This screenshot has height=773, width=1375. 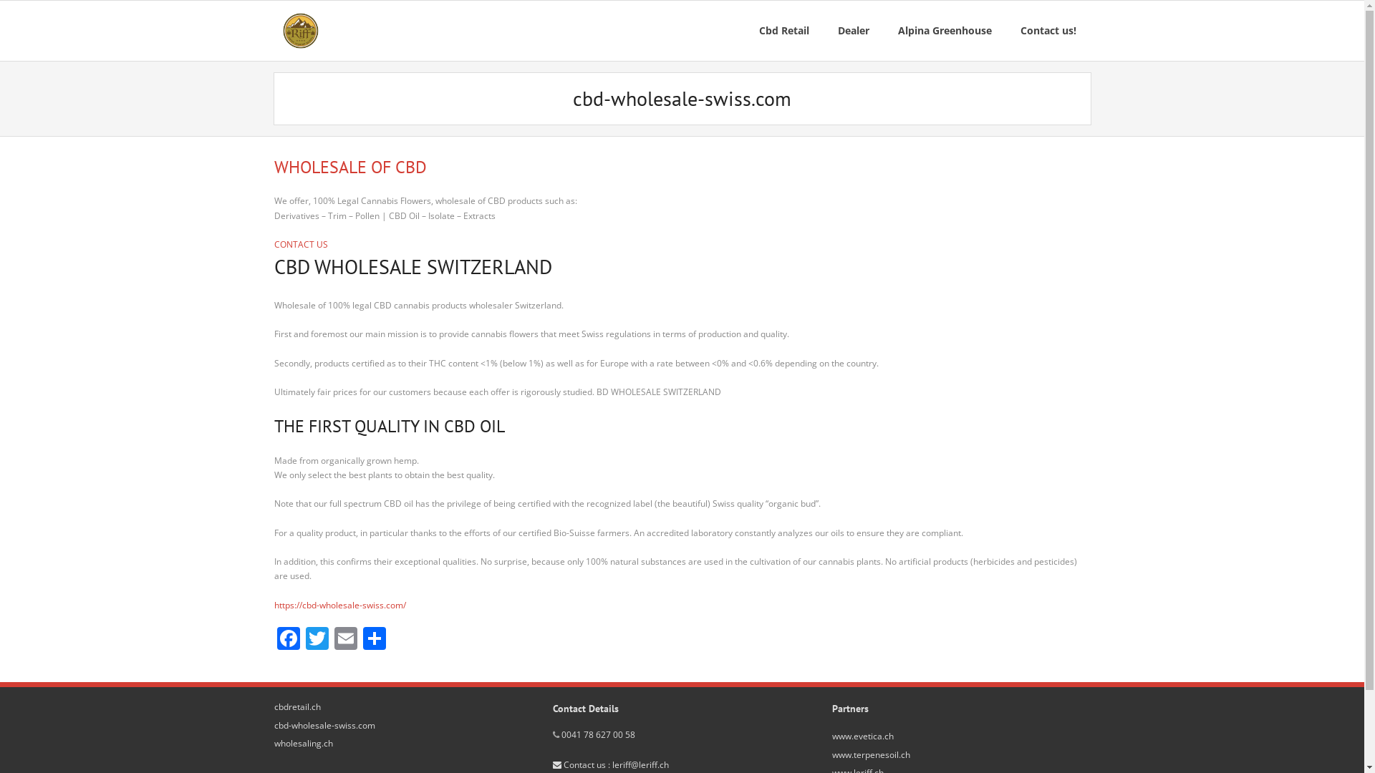 I want to click on 'cbdretail.ch', so click(x=296, y=706).